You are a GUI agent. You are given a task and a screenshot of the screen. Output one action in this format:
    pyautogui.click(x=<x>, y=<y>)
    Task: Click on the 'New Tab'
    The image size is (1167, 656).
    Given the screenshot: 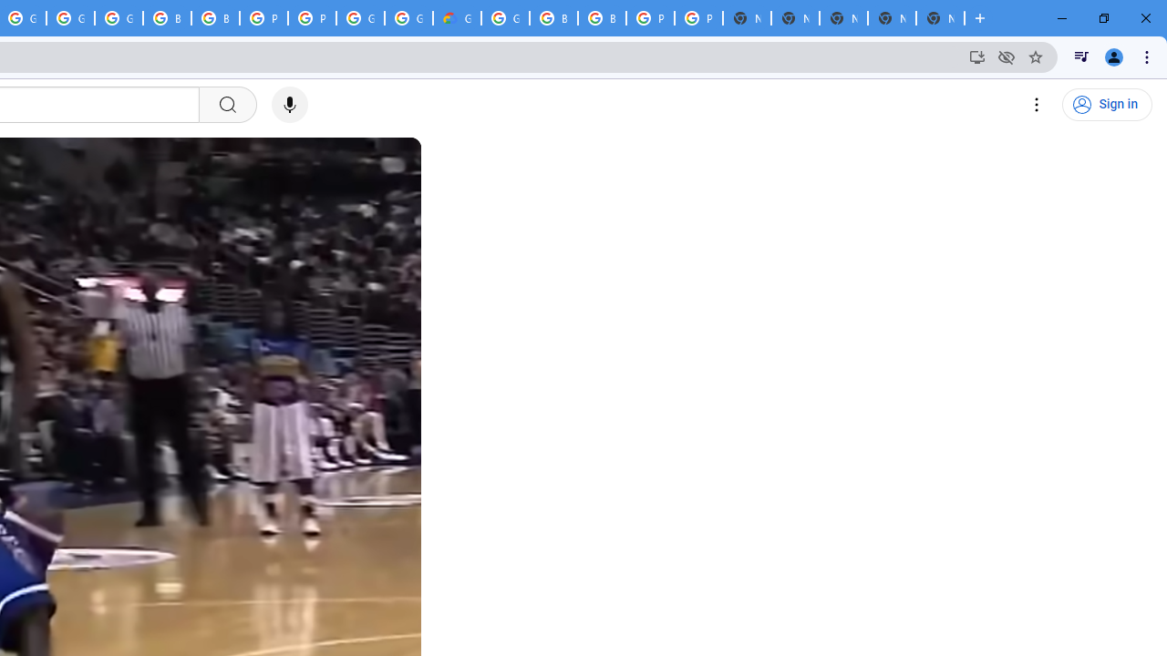 What is the action you would take?
    pyautogui.click(x=940, y=18)
    